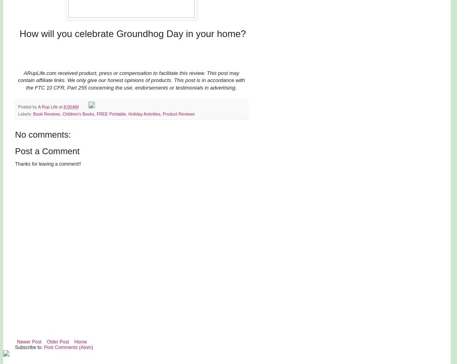 Image resolution: width=457 pixels, height=364 pixels. What do you see at coordinates (17, 106) in the screenshot?
I see `'Posted by'` at bounding box center [17, 106].